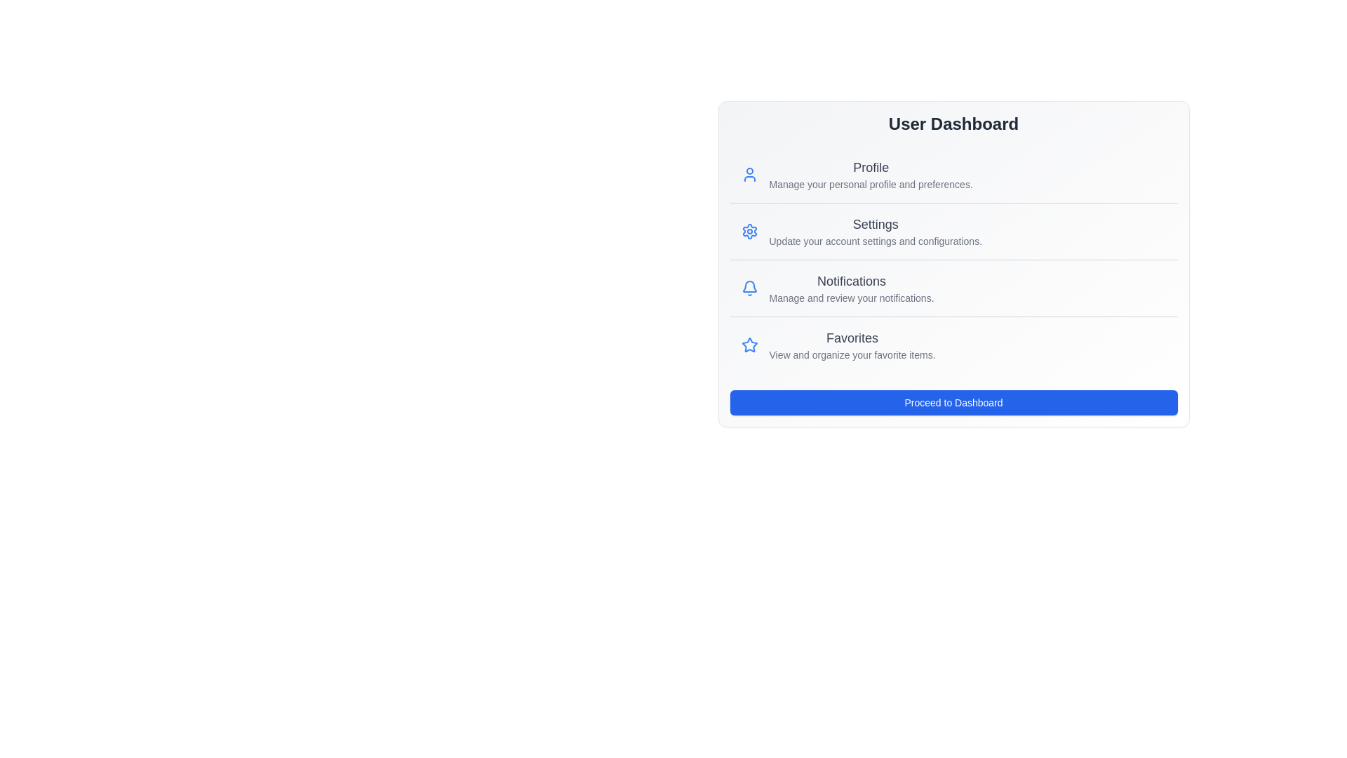  What do you see at coordinates (851, 354) in the screenshot?
I see `the informational text located directly below the 'Favorites' header in the Favorites section of the user dashboard` at bounding box center [851, 354].